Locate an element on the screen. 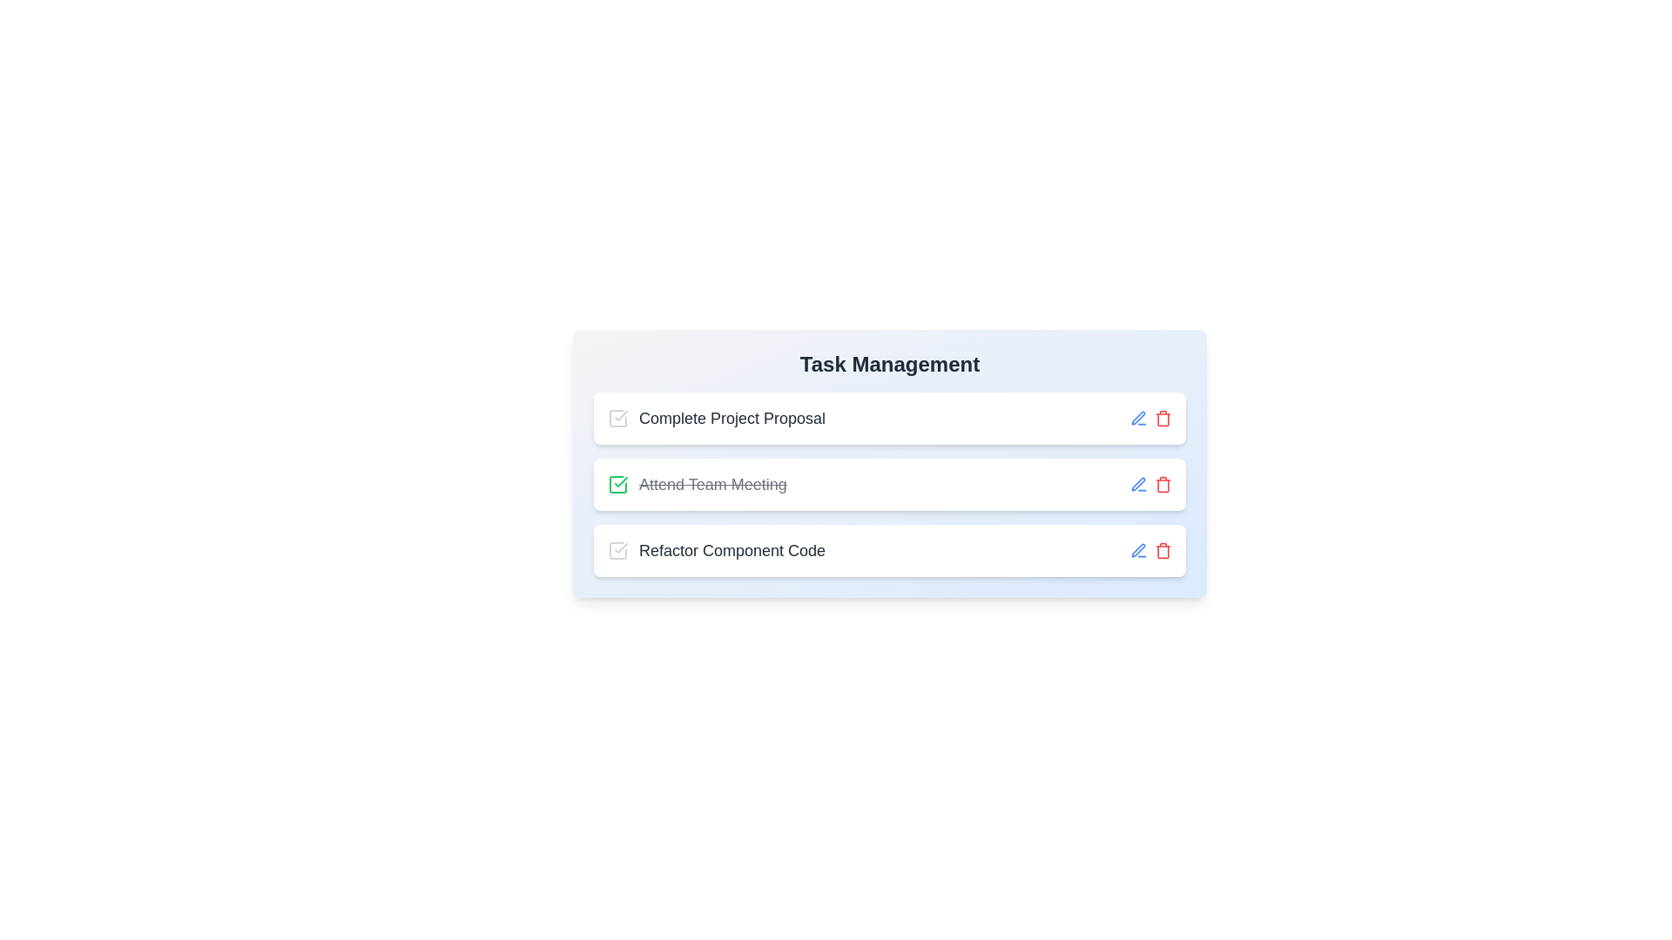 The width and height of the screenshot is (1672, 940). the Text label indicating a completed task, which is the second item in a vertical list and has a strikethrough style is located at coordinates (697, 484).